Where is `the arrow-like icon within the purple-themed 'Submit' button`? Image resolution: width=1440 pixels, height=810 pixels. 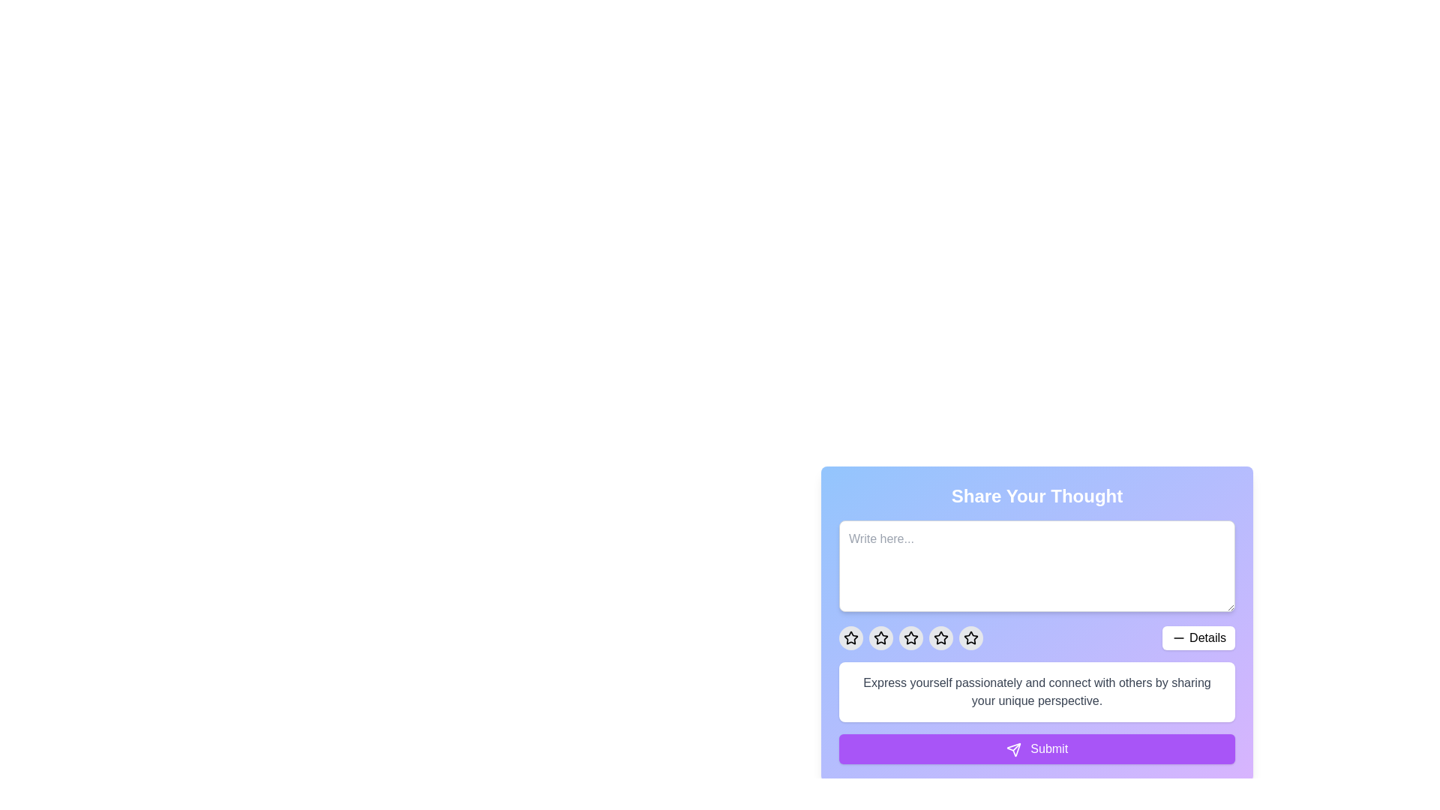 the arrow-like icon within the purple-themed 'Submit' button is located at coordinates (1013, 749).